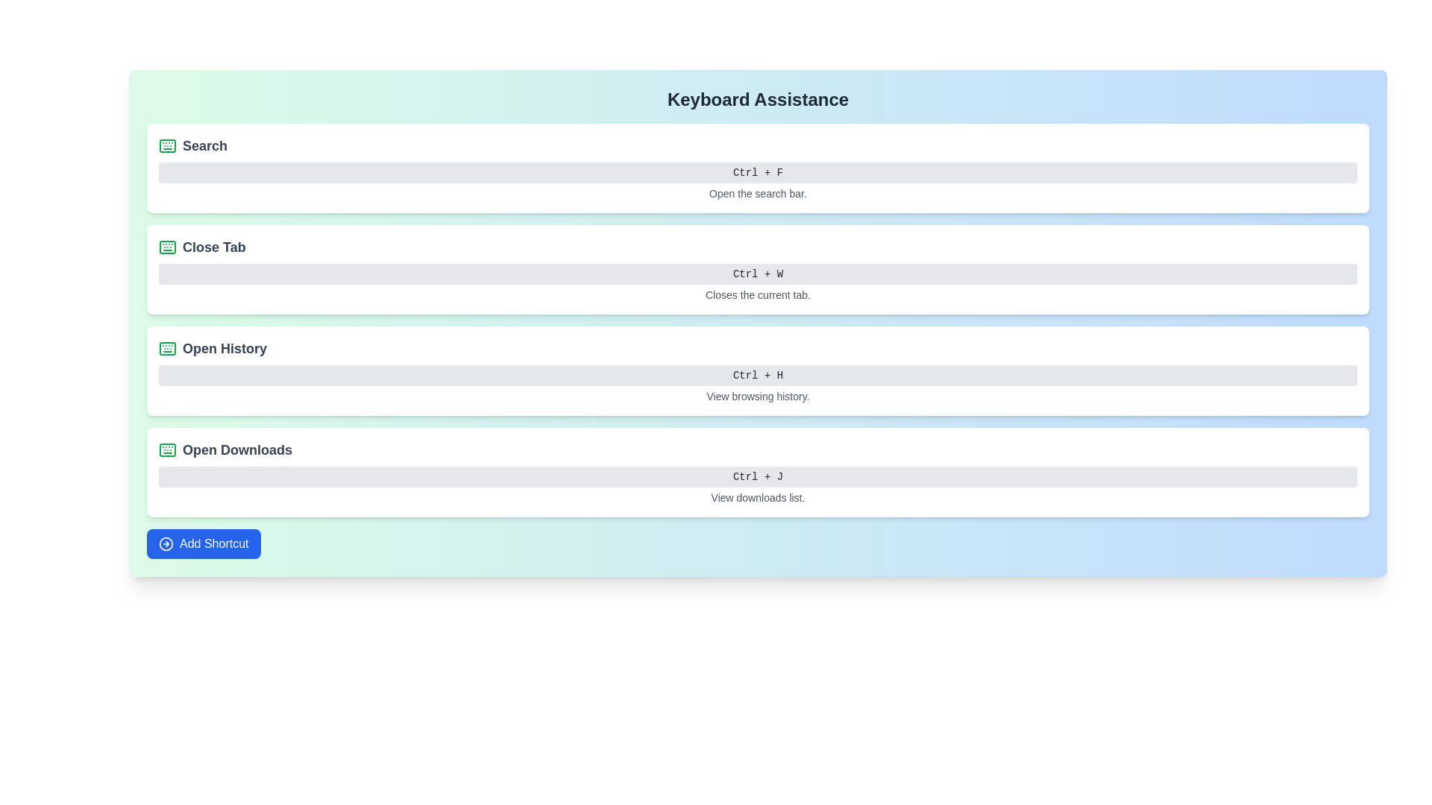  Describe the element at coordinates (224, 348) in the screenshot. I see `the 'Open History' text label, which is styled in a larger, bold, semibold dark gray font and is the third item in the list of shortcut actions` at that location.